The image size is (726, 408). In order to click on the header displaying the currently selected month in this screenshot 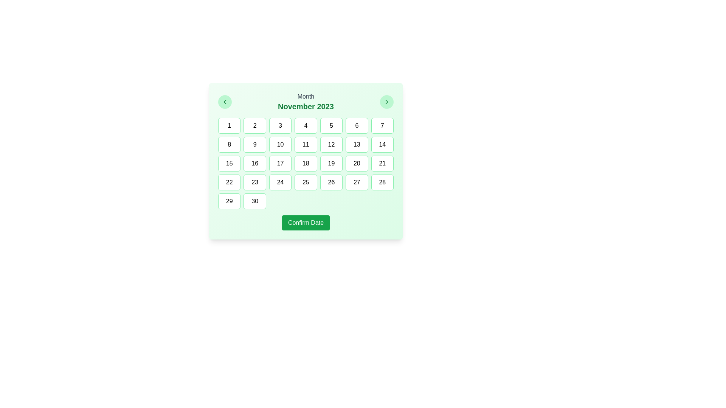, I will do `click(306, 102)`.